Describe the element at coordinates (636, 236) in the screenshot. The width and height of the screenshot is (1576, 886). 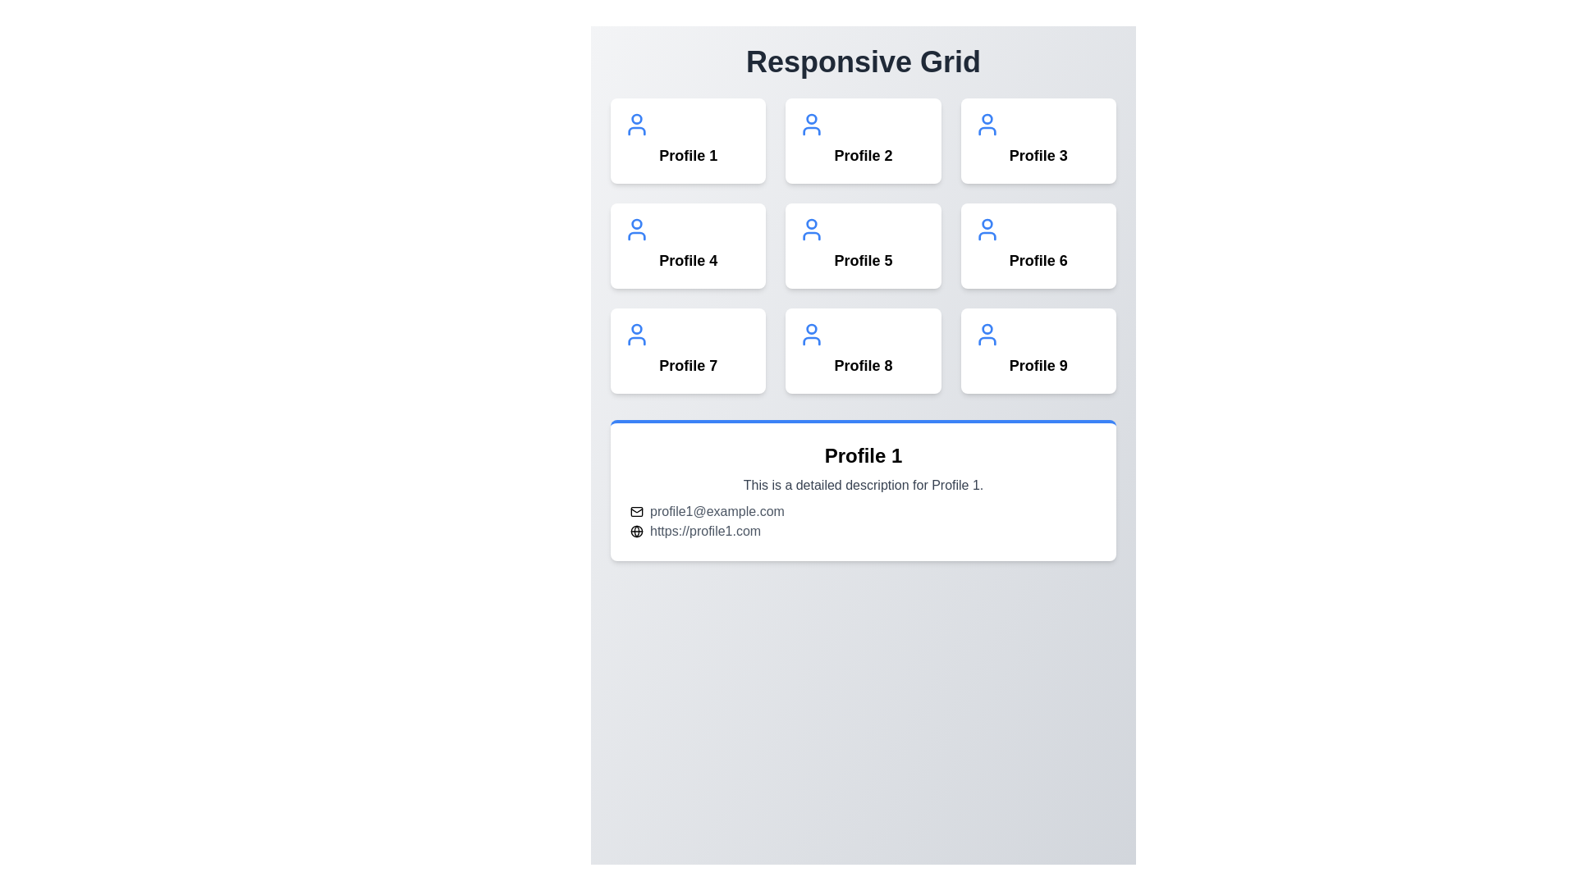
I see `the lower part of the user profile icon in the fourth profile card of the responsive grid layout` at that location.